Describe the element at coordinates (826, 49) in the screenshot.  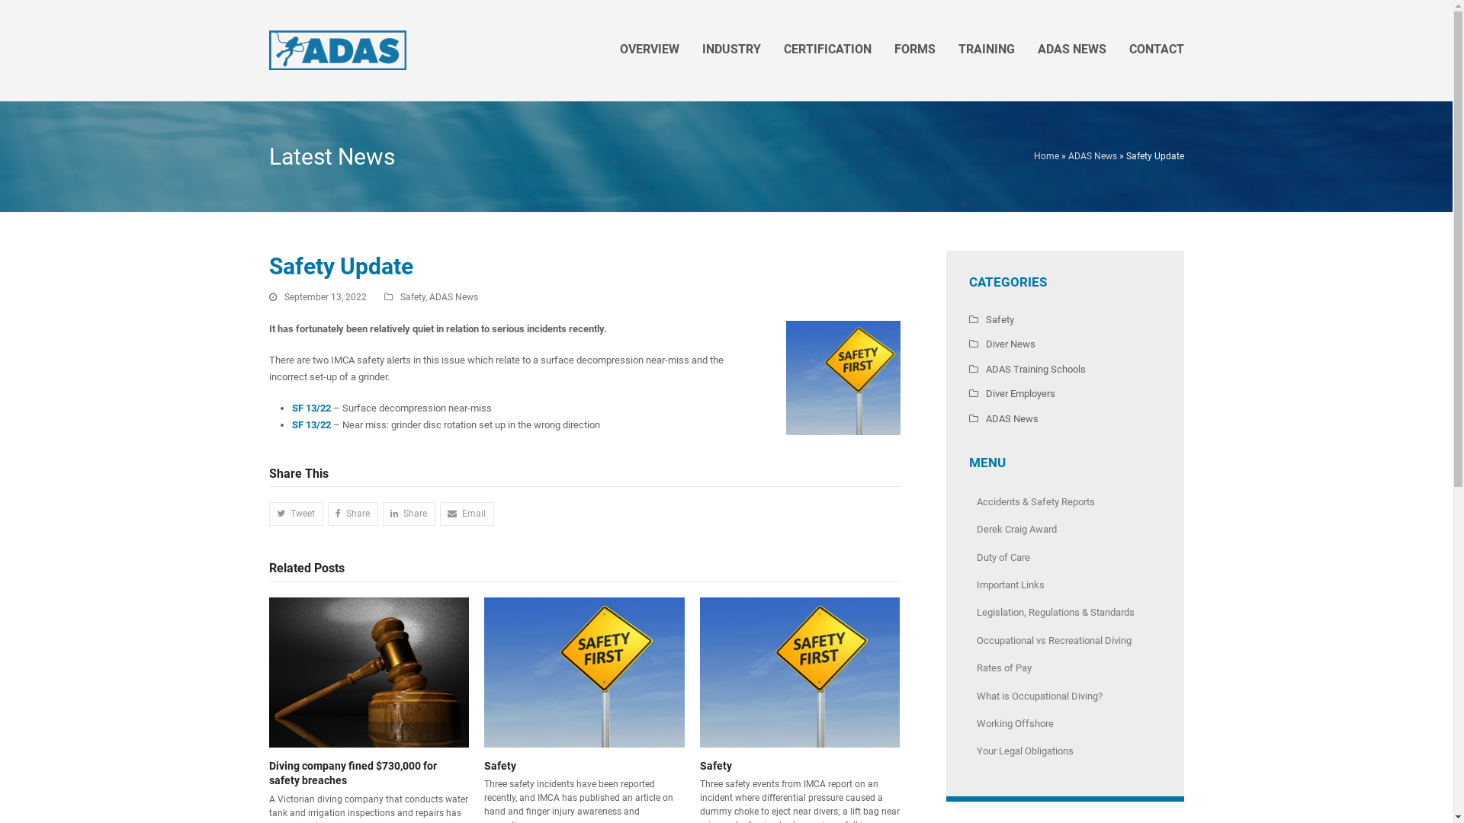
I see `'CERTIFICATION'` at that location.